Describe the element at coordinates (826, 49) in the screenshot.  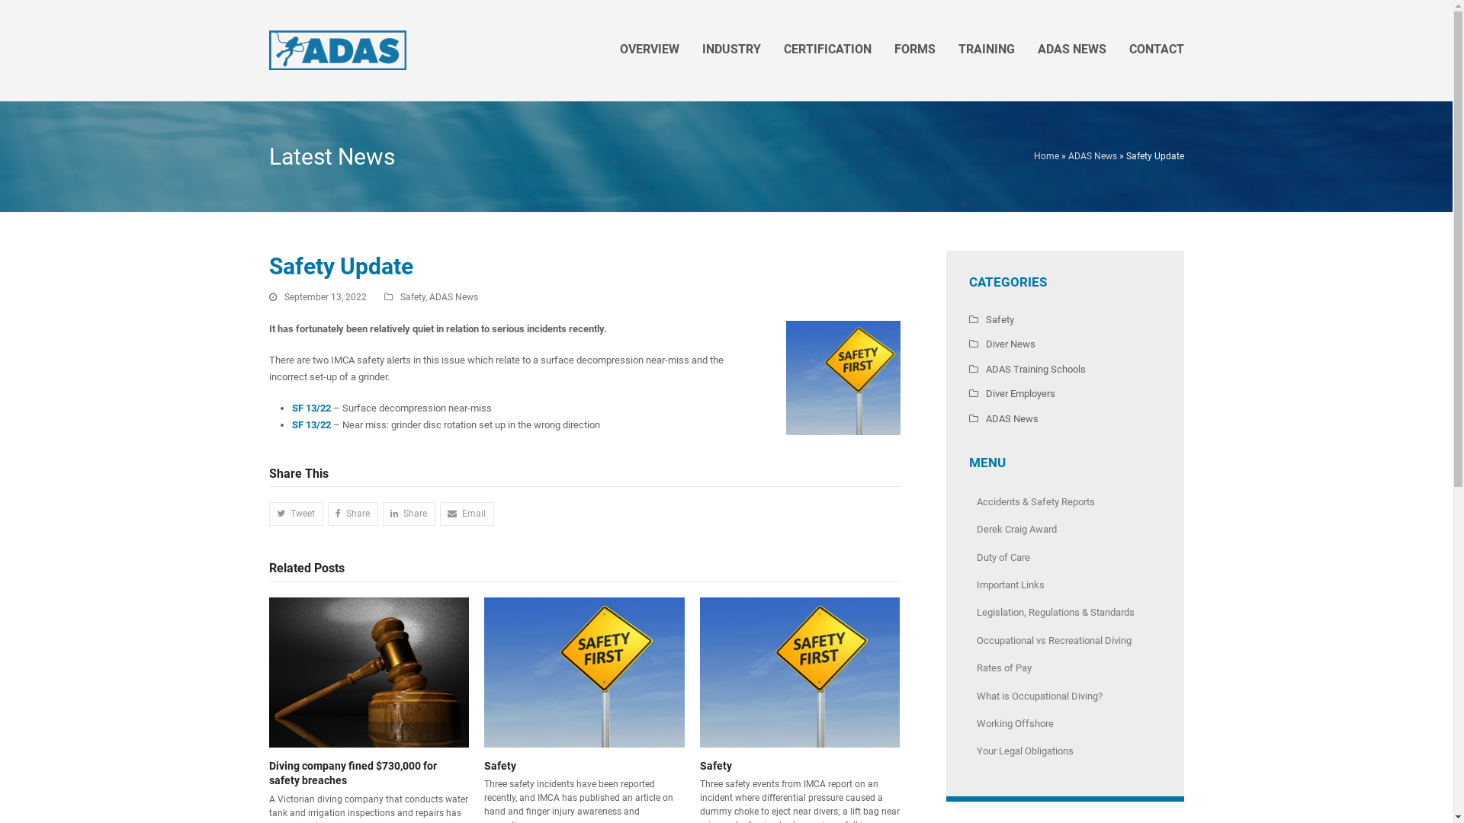
I see `'CERTIFICATION'` at that location.